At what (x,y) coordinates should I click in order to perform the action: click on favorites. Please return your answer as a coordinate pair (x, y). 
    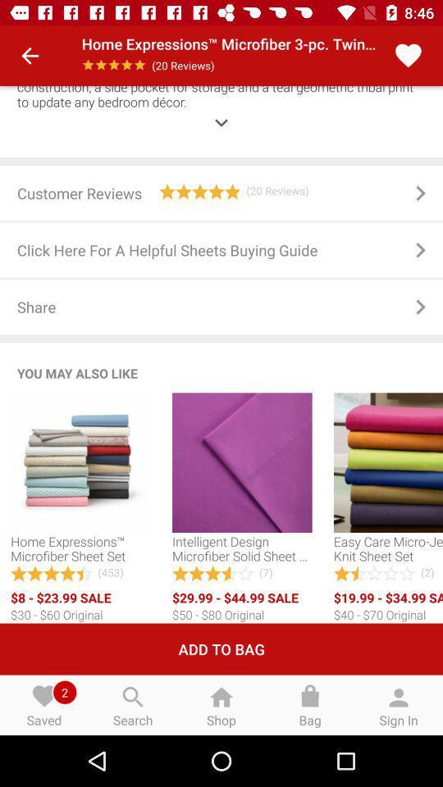
    Looking at the image, I should click on (407, 56).